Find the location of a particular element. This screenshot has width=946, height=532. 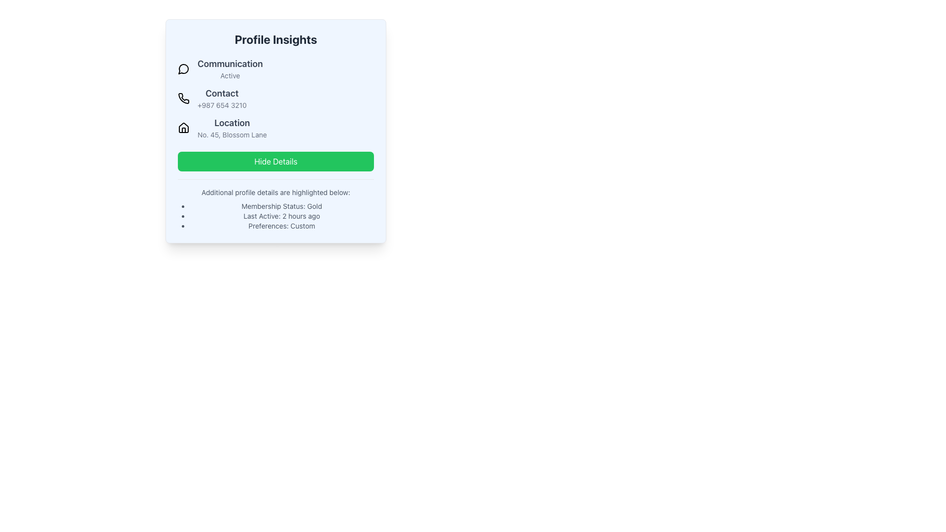

the 'Contact' icon, which is the second in a vertical sequence of three icons on the left of the profile card, to interact with the contact information section is located at coordinates (184, 98).